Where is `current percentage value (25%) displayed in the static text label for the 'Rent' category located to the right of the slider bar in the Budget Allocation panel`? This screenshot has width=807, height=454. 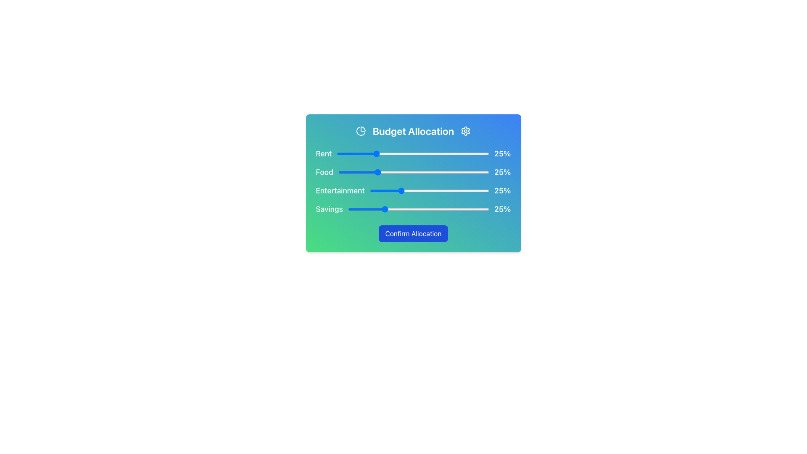
current percentage value (25%) displayed in the static text label for the 'Rent' category located to the right of the slider bar in the Budget Allocation panel is located at coordinates (502, 154).